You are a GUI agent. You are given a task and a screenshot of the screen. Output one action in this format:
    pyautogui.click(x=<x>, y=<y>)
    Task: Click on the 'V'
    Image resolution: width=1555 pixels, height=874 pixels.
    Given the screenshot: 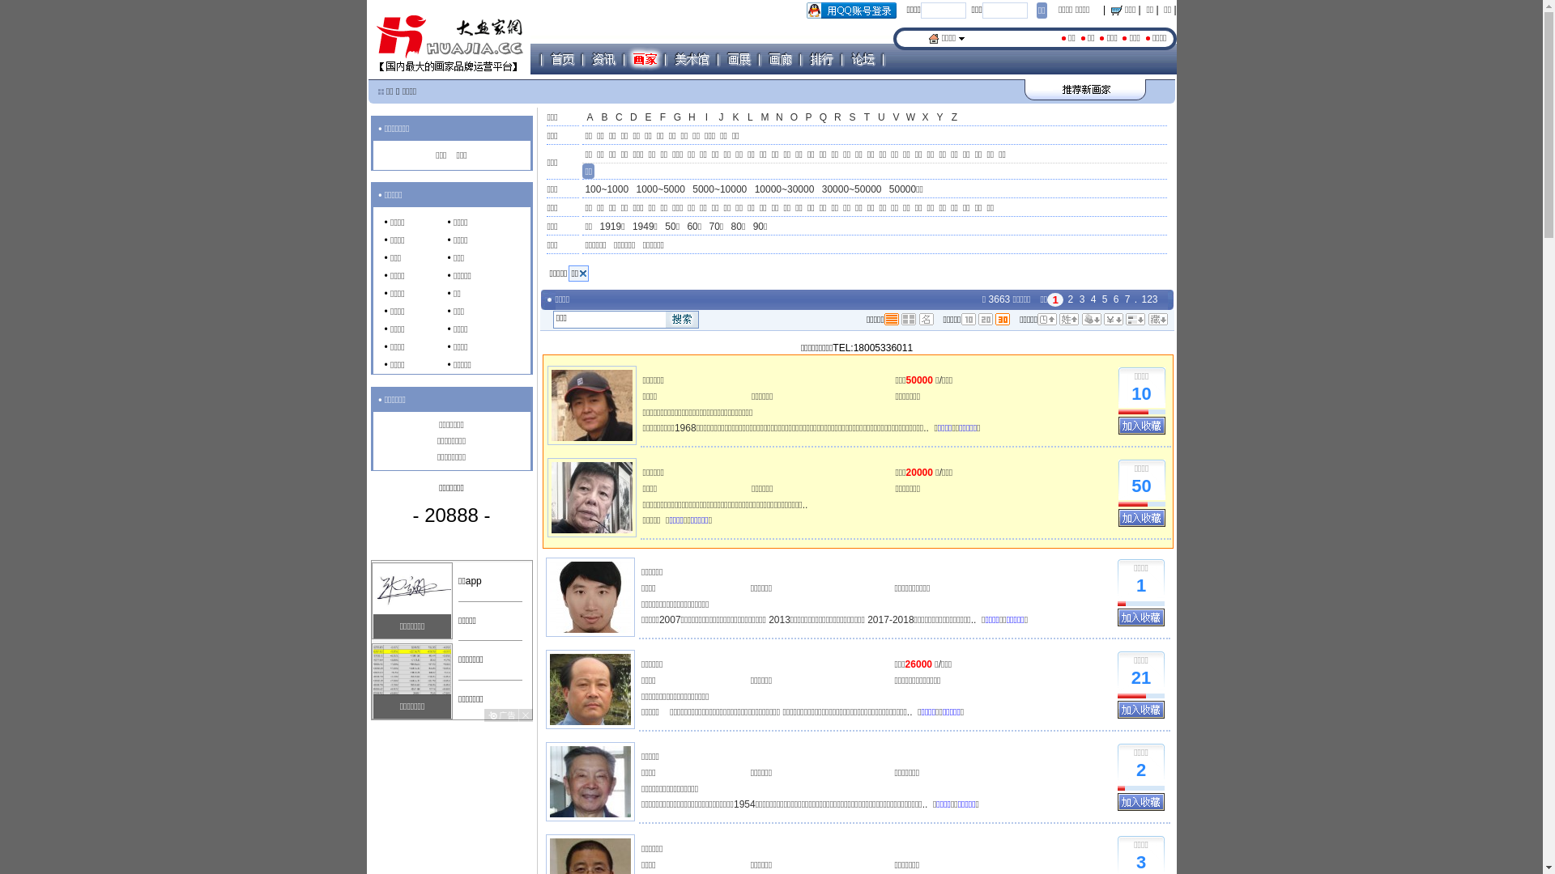 What is the action you would take?
    pyautogui.click(x=894, y=117)
    